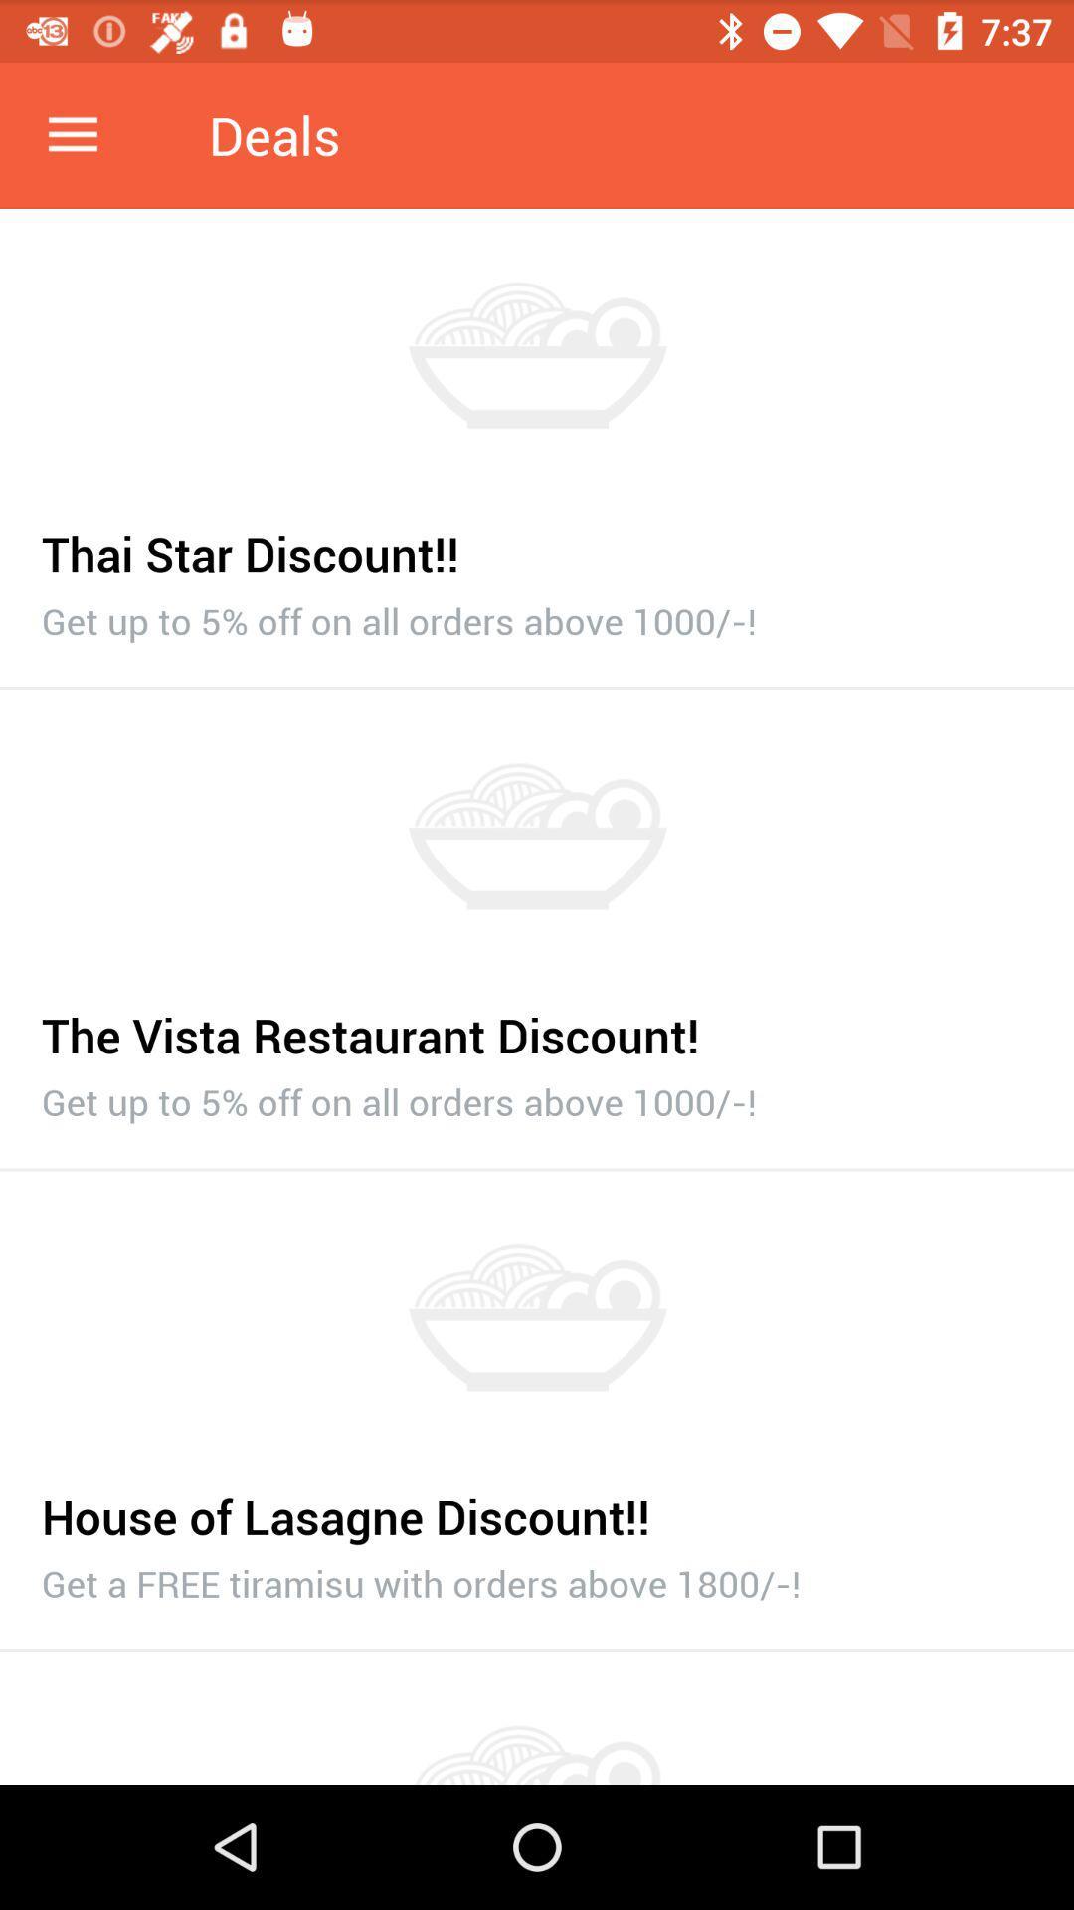  What do you see at coordinates (537, 1505) in the screenshot?
I see `house of lasagne icon` at bounding box center [537, 1505].